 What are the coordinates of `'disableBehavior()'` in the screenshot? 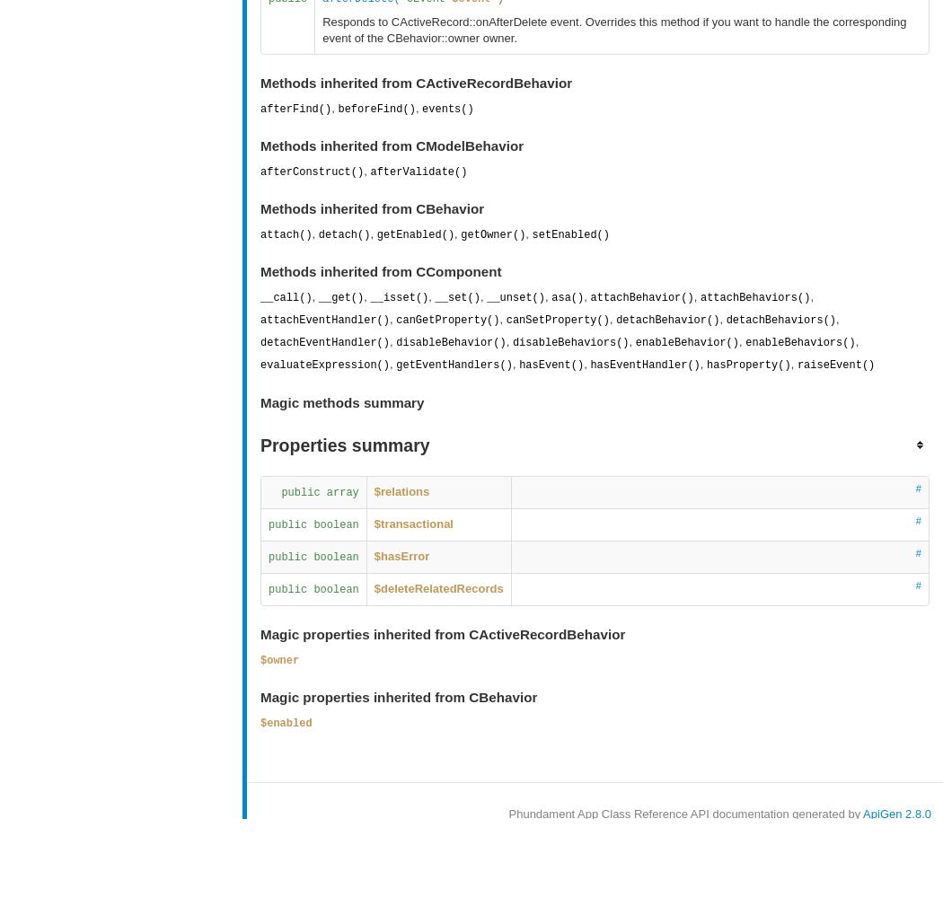 It's located at (450, 343).